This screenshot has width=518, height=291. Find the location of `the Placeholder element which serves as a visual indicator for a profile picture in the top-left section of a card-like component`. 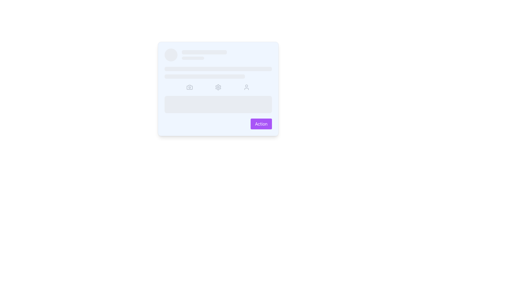

the Placeholder element which serves as a visual indicator for a profile picture in the top-left section of a card-like component is located at coordinates (171, 55).